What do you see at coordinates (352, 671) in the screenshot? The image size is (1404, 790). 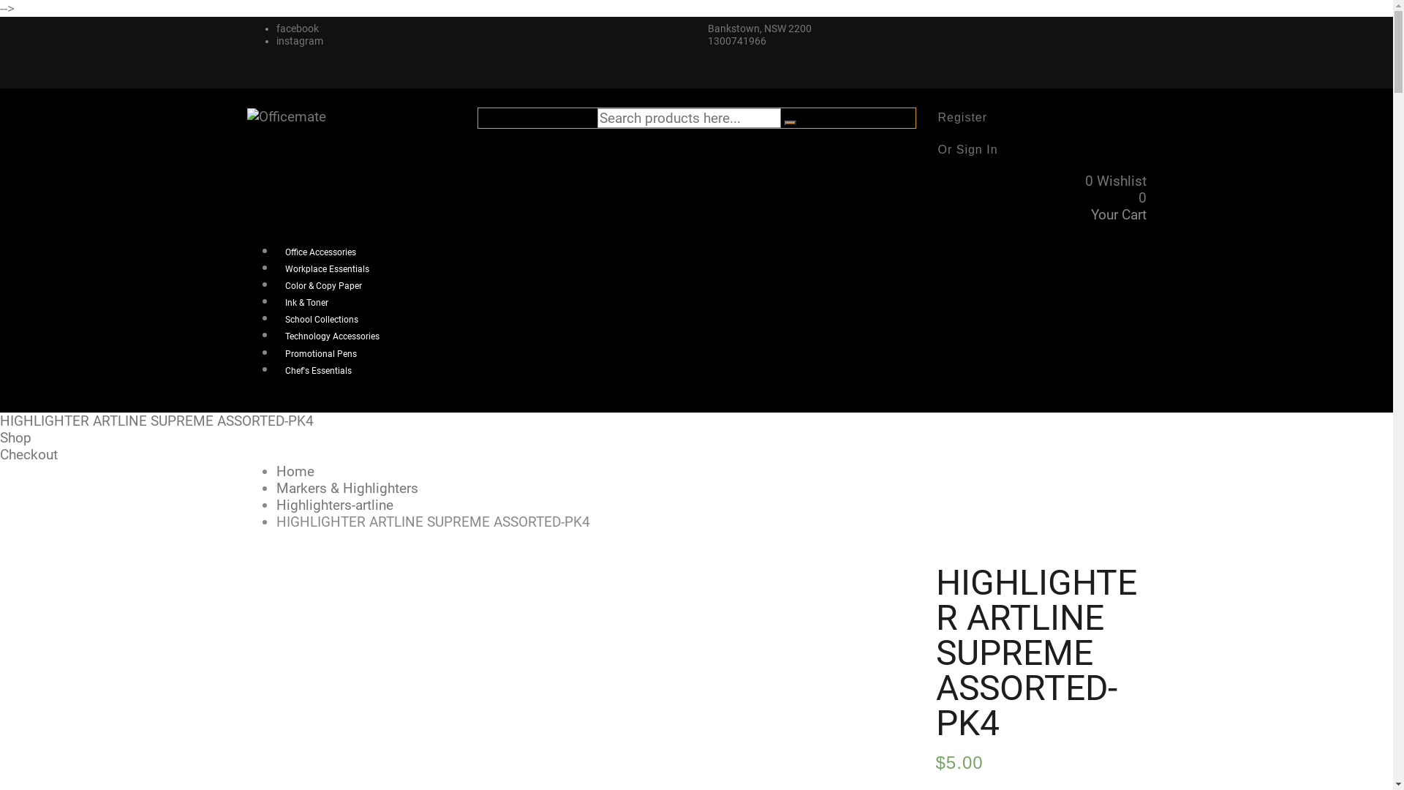 I see `'1417-O2408'` at bounding box center [352, 671].